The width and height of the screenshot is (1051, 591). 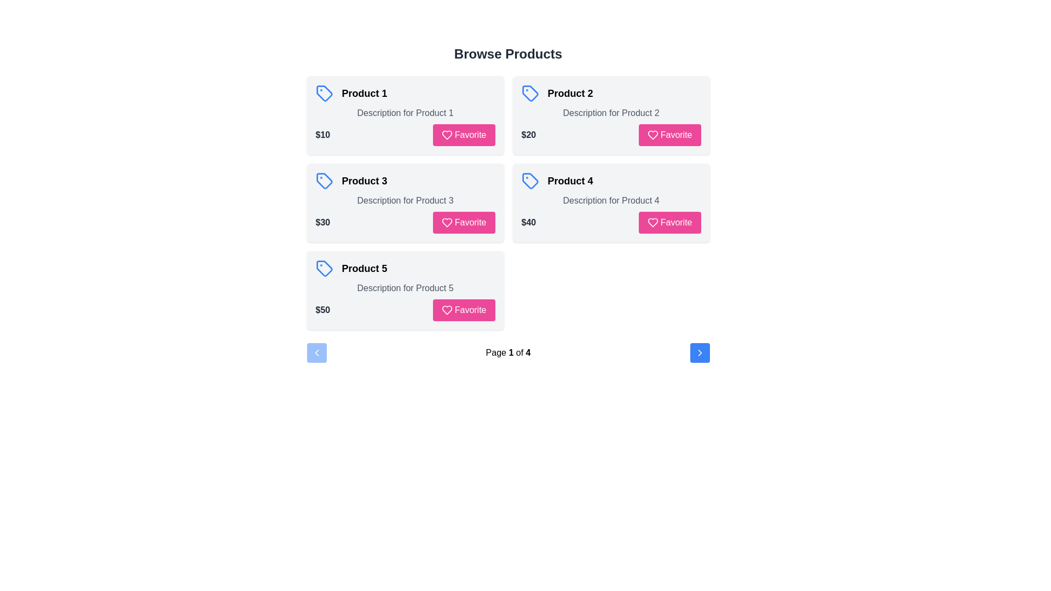 I want to click on the chevron icon within the round blue button located at the bottom-right section of the interface, so click(x=699, y=352).